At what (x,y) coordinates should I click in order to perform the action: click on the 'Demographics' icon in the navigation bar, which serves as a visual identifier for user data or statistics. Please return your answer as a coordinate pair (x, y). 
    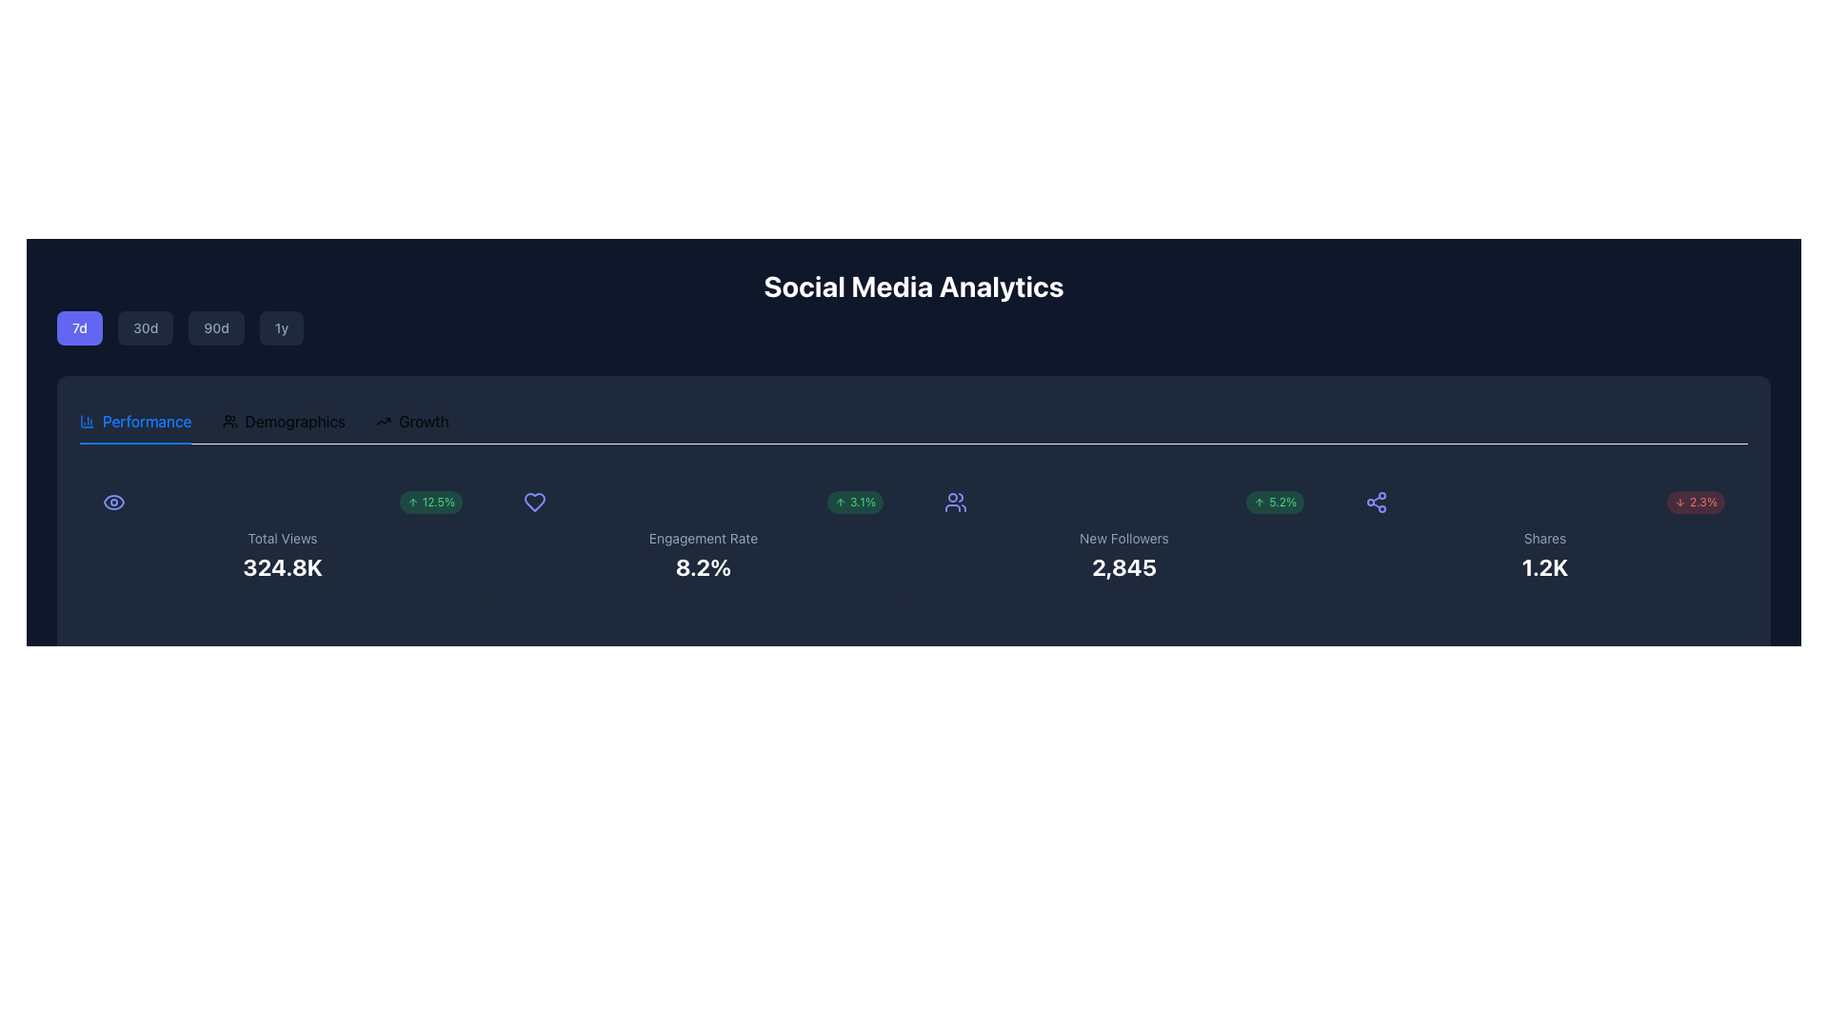
    Looking at the image, I should click on (228, 421).